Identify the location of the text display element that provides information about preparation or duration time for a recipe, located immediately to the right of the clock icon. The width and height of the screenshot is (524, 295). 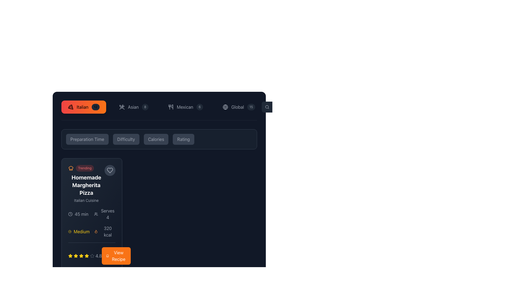
(81, 214).